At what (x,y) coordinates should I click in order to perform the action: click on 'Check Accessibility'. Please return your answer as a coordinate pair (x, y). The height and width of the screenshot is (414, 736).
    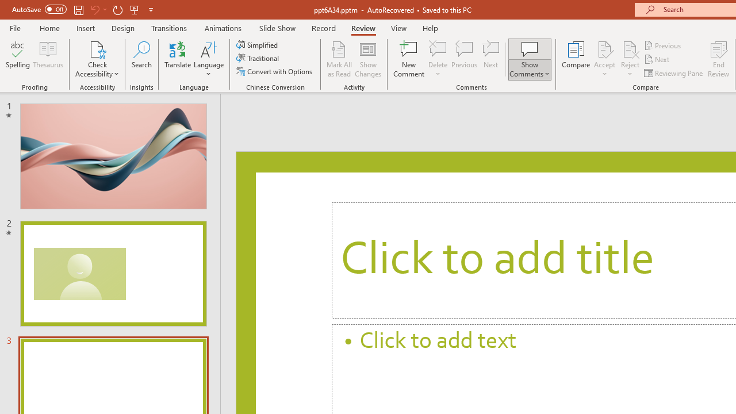
    Looking at the image, I should click on (97, 48).